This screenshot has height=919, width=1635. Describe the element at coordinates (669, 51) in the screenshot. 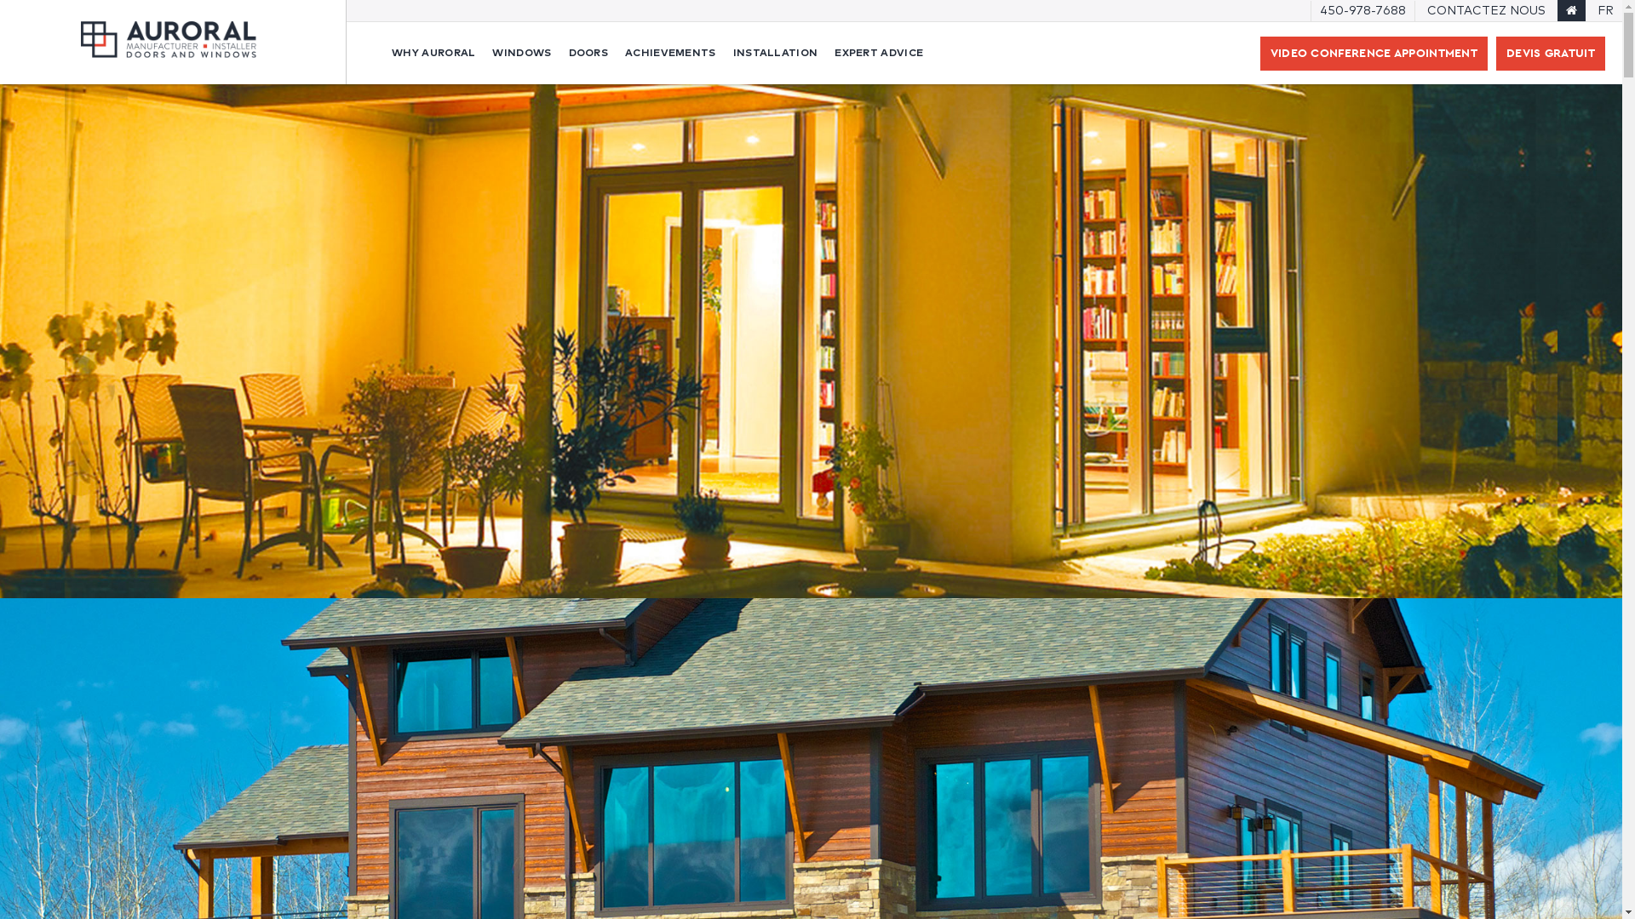

I see `'ACHIEVEMENTS'` at that location.